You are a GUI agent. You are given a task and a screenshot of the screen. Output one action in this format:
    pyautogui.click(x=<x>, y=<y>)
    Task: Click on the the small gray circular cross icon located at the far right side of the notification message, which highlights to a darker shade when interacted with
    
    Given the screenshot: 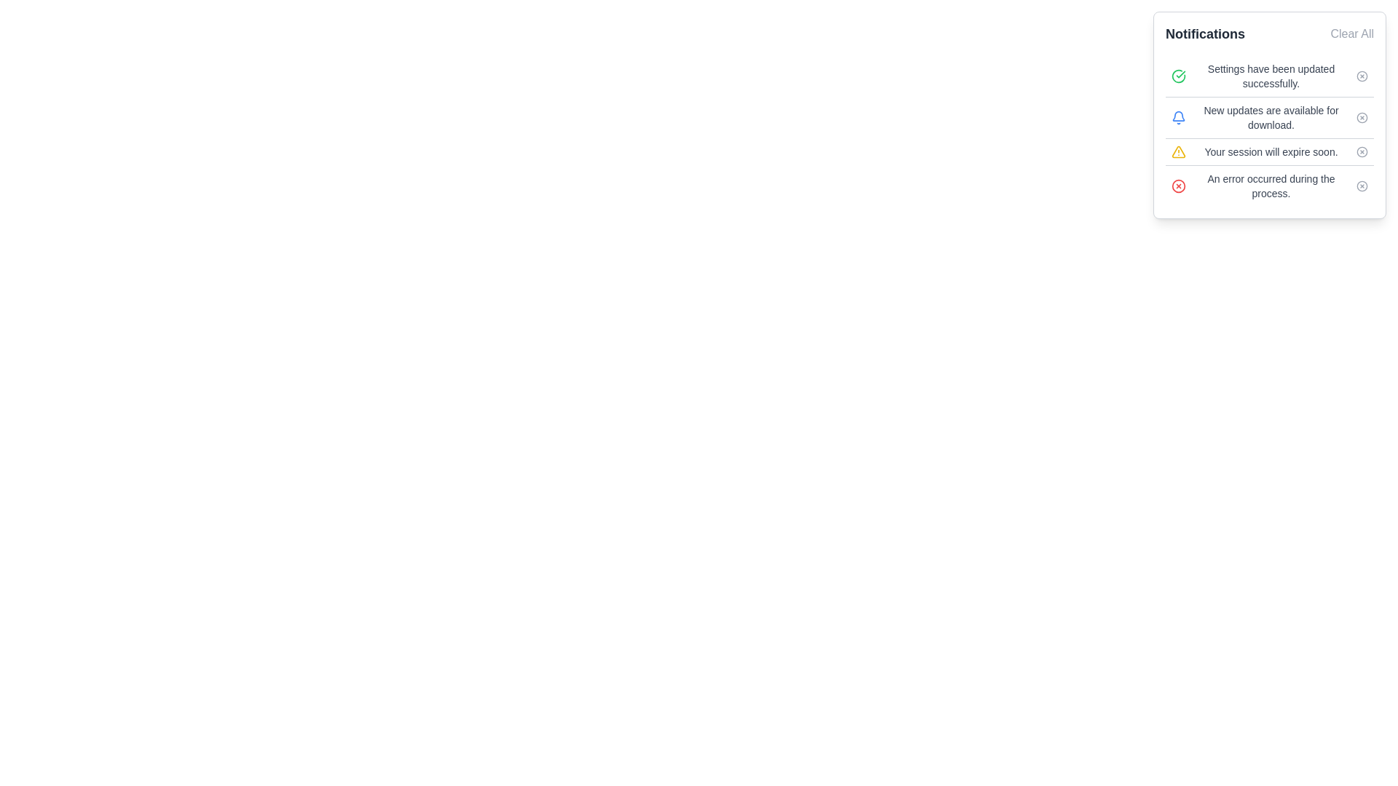 What is the action you would take?
    pyautogui.click(x=1362, y=151)
    